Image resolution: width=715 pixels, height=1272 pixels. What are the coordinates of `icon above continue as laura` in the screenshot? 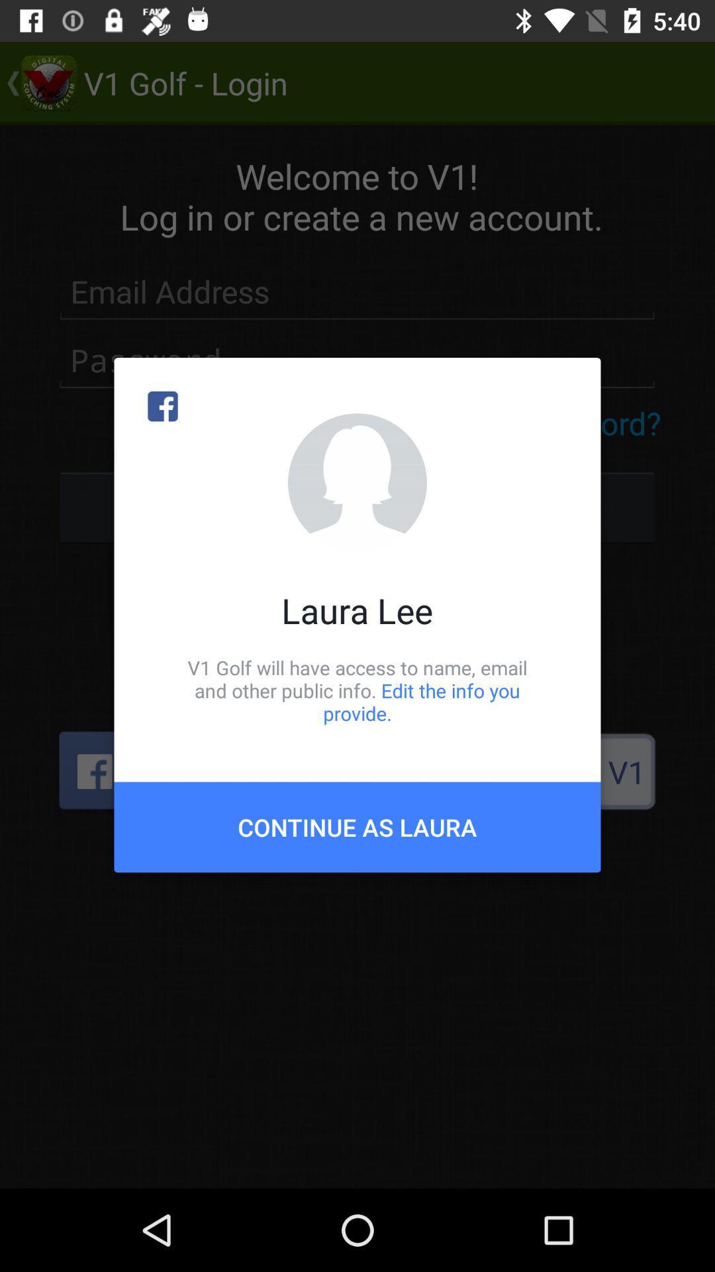 It's located at (358, 690).